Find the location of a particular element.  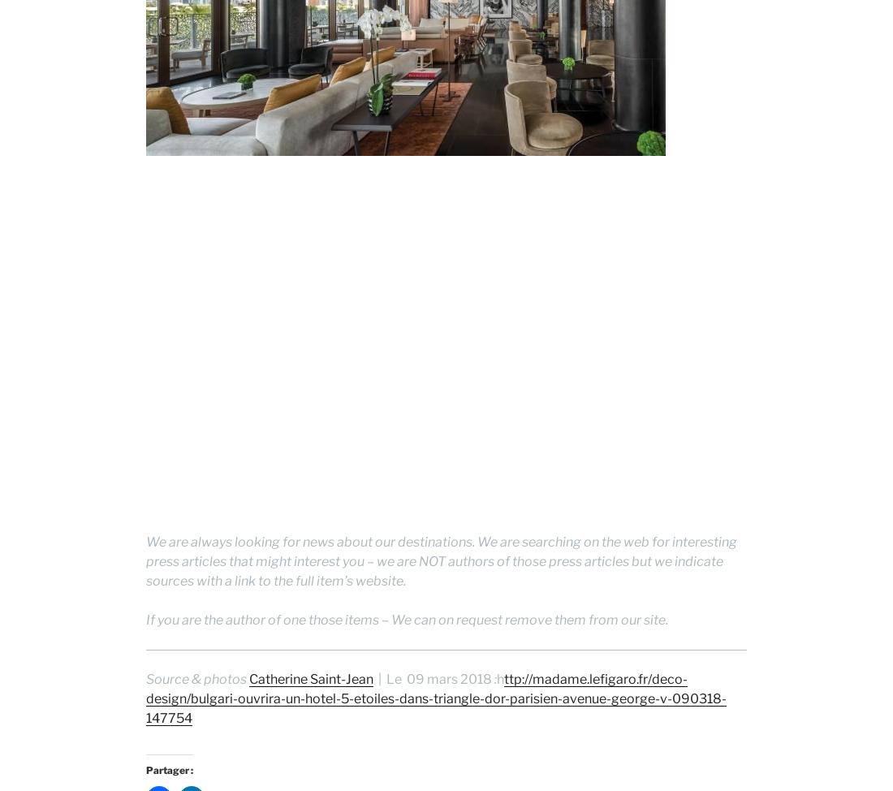

'Source & photos' is located at coordinates (197, 678).